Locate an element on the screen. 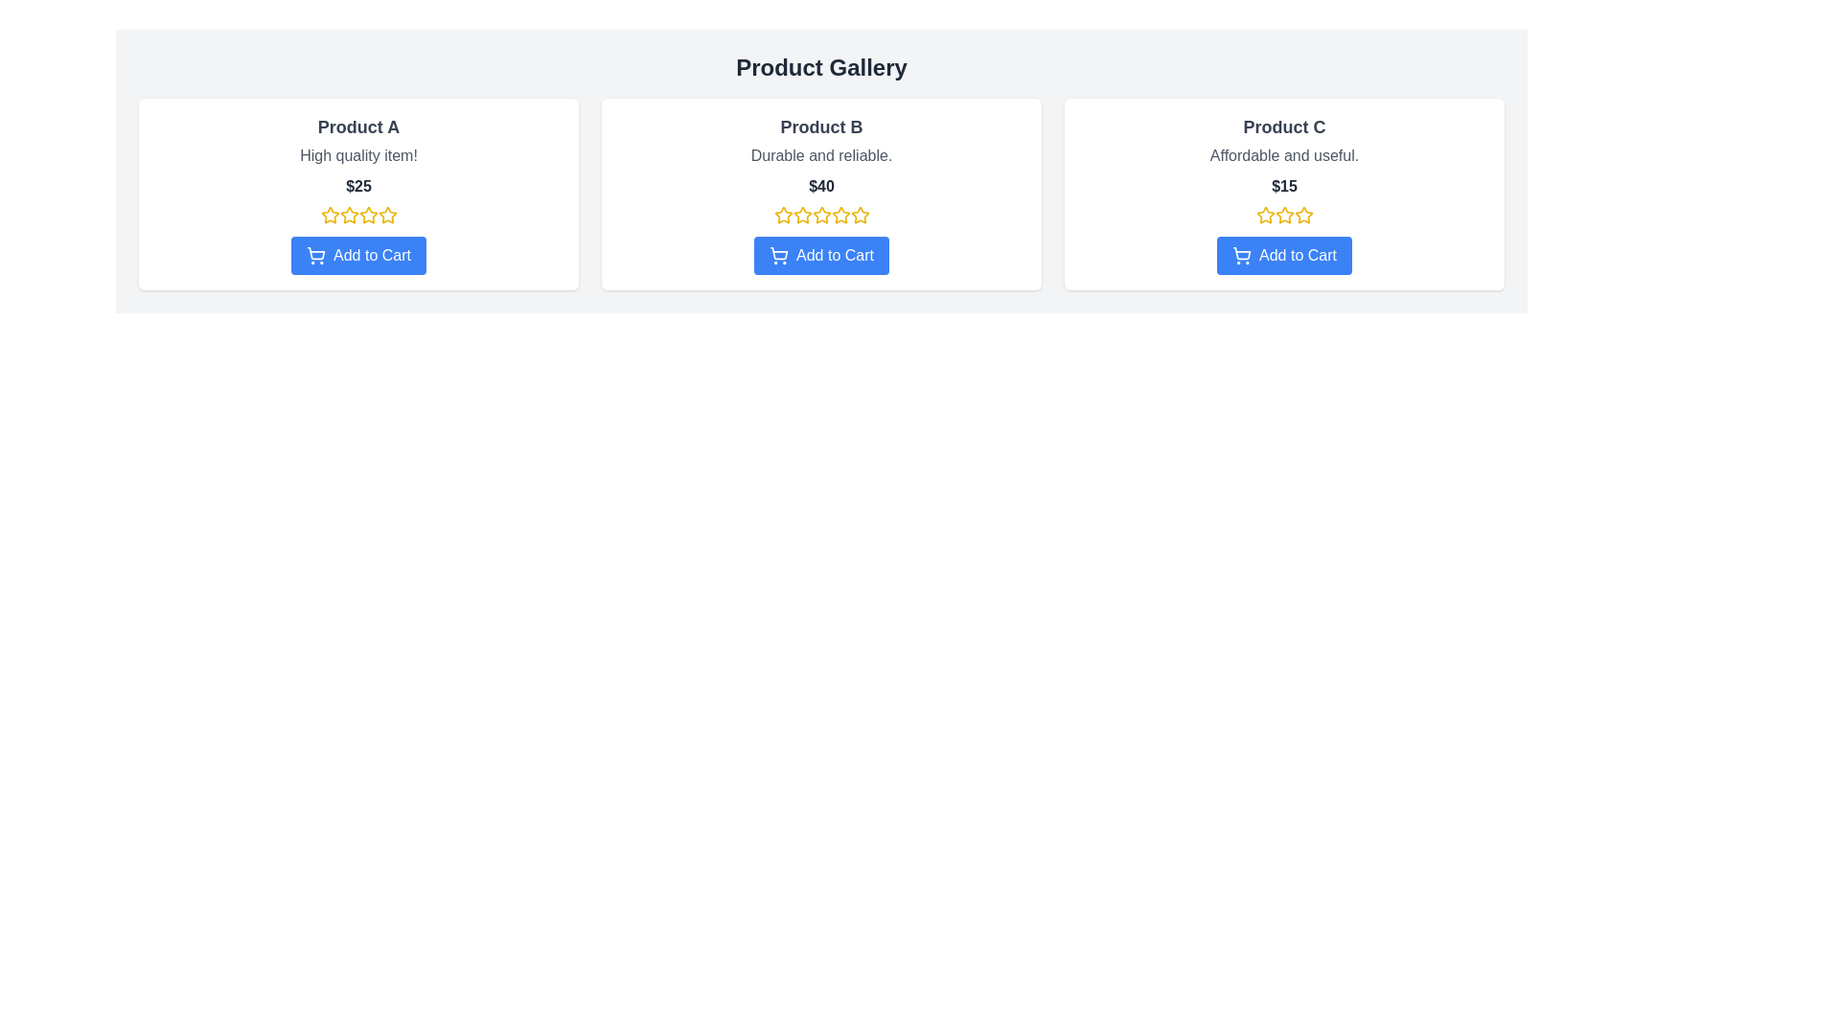  the third star icon in the five-star rating system on 'Product A' card is located at coordinates (368, 215).